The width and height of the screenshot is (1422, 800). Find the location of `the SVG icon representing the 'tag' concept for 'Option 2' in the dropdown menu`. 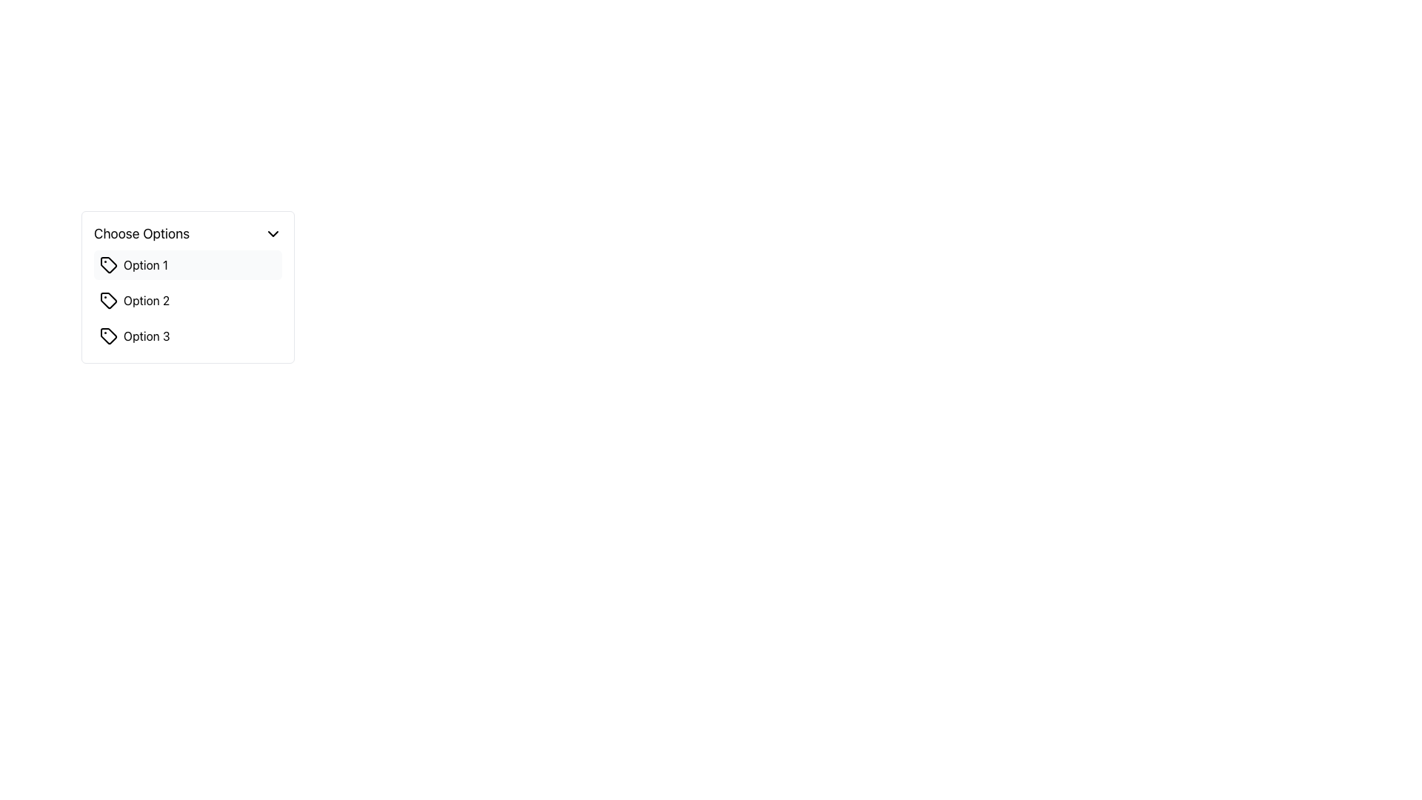

the SVG icon representing the 'tag' concept for 'Option 2' in the dropdown menu is located at coordinates (108, 300).